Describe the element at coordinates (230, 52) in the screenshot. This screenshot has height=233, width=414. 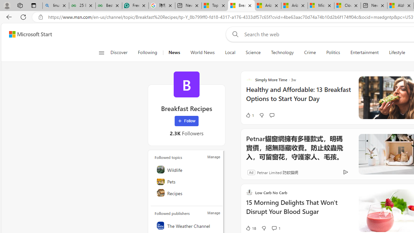
I see `'Local'` at that location.